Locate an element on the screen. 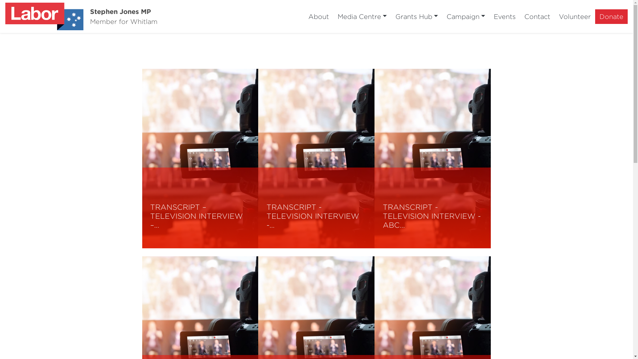 The image size is (638, 359). 'About' is located at coordinates (318, 16).